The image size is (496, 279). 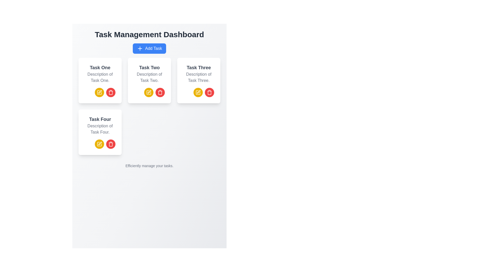 I want to click on the Text Label that serves as the title for the third task within its card component, located in the third card from the left, so click(x=198, y=67).